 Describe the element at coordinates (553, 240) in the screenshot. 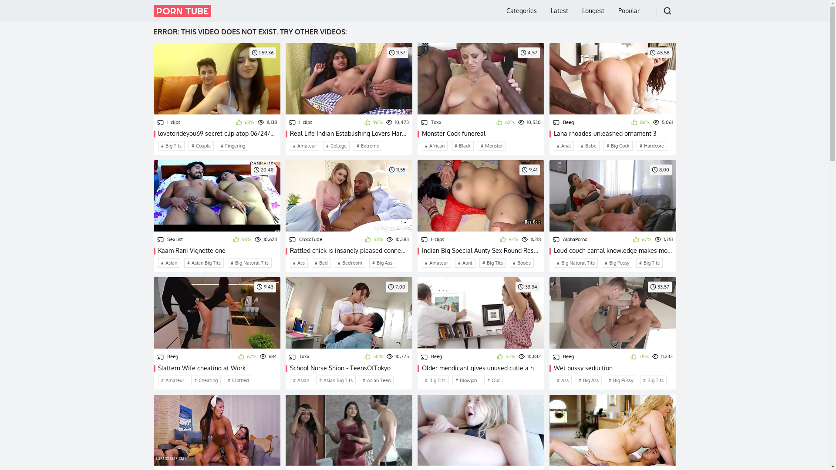

I see `'AlphaPorno'` at that location.